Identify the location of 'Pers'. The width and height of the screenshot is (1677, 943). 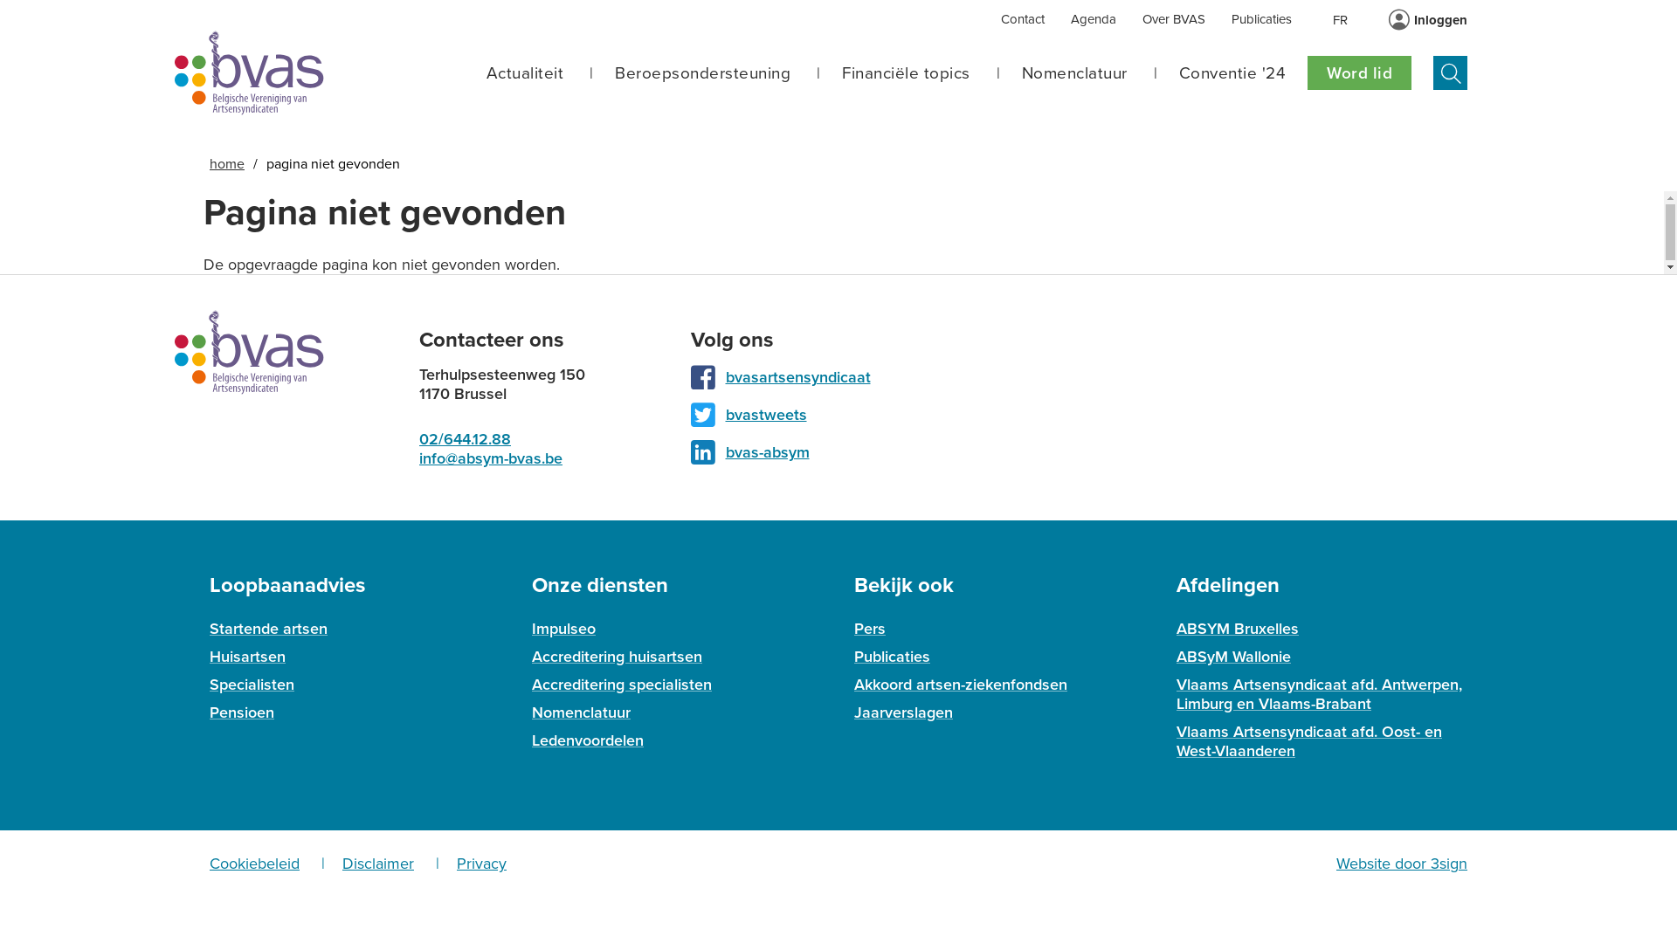
(870, 629).